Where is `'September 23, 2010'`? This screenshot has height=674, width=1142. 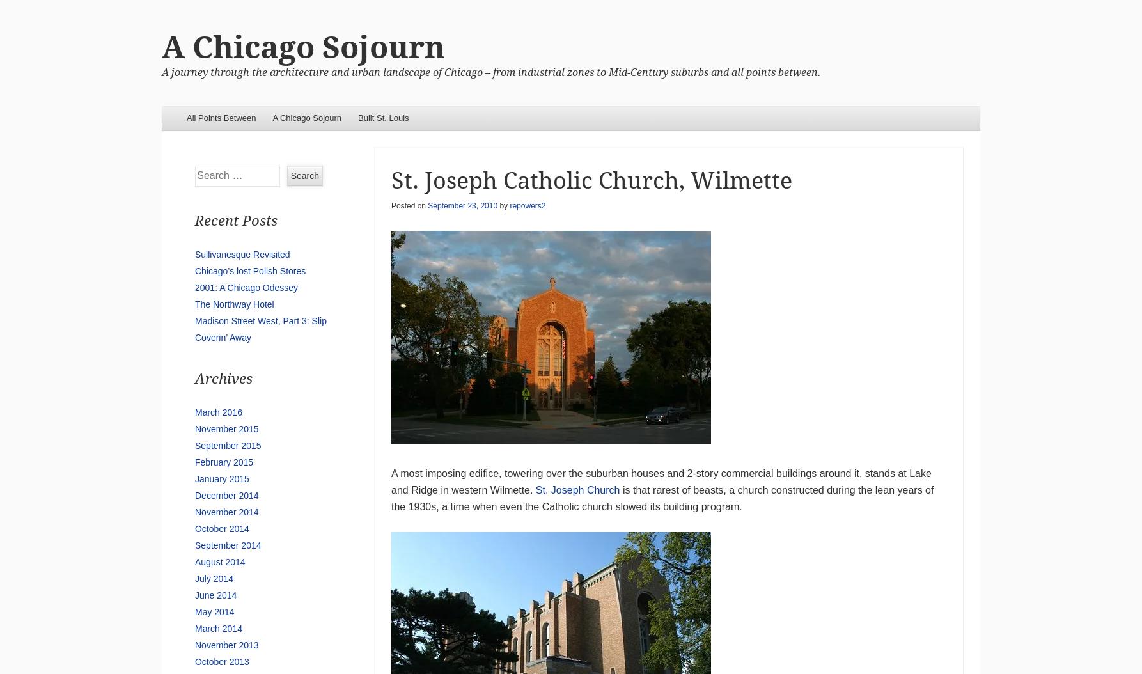 'September 23, 2010' is located at coordinates (428, 205).